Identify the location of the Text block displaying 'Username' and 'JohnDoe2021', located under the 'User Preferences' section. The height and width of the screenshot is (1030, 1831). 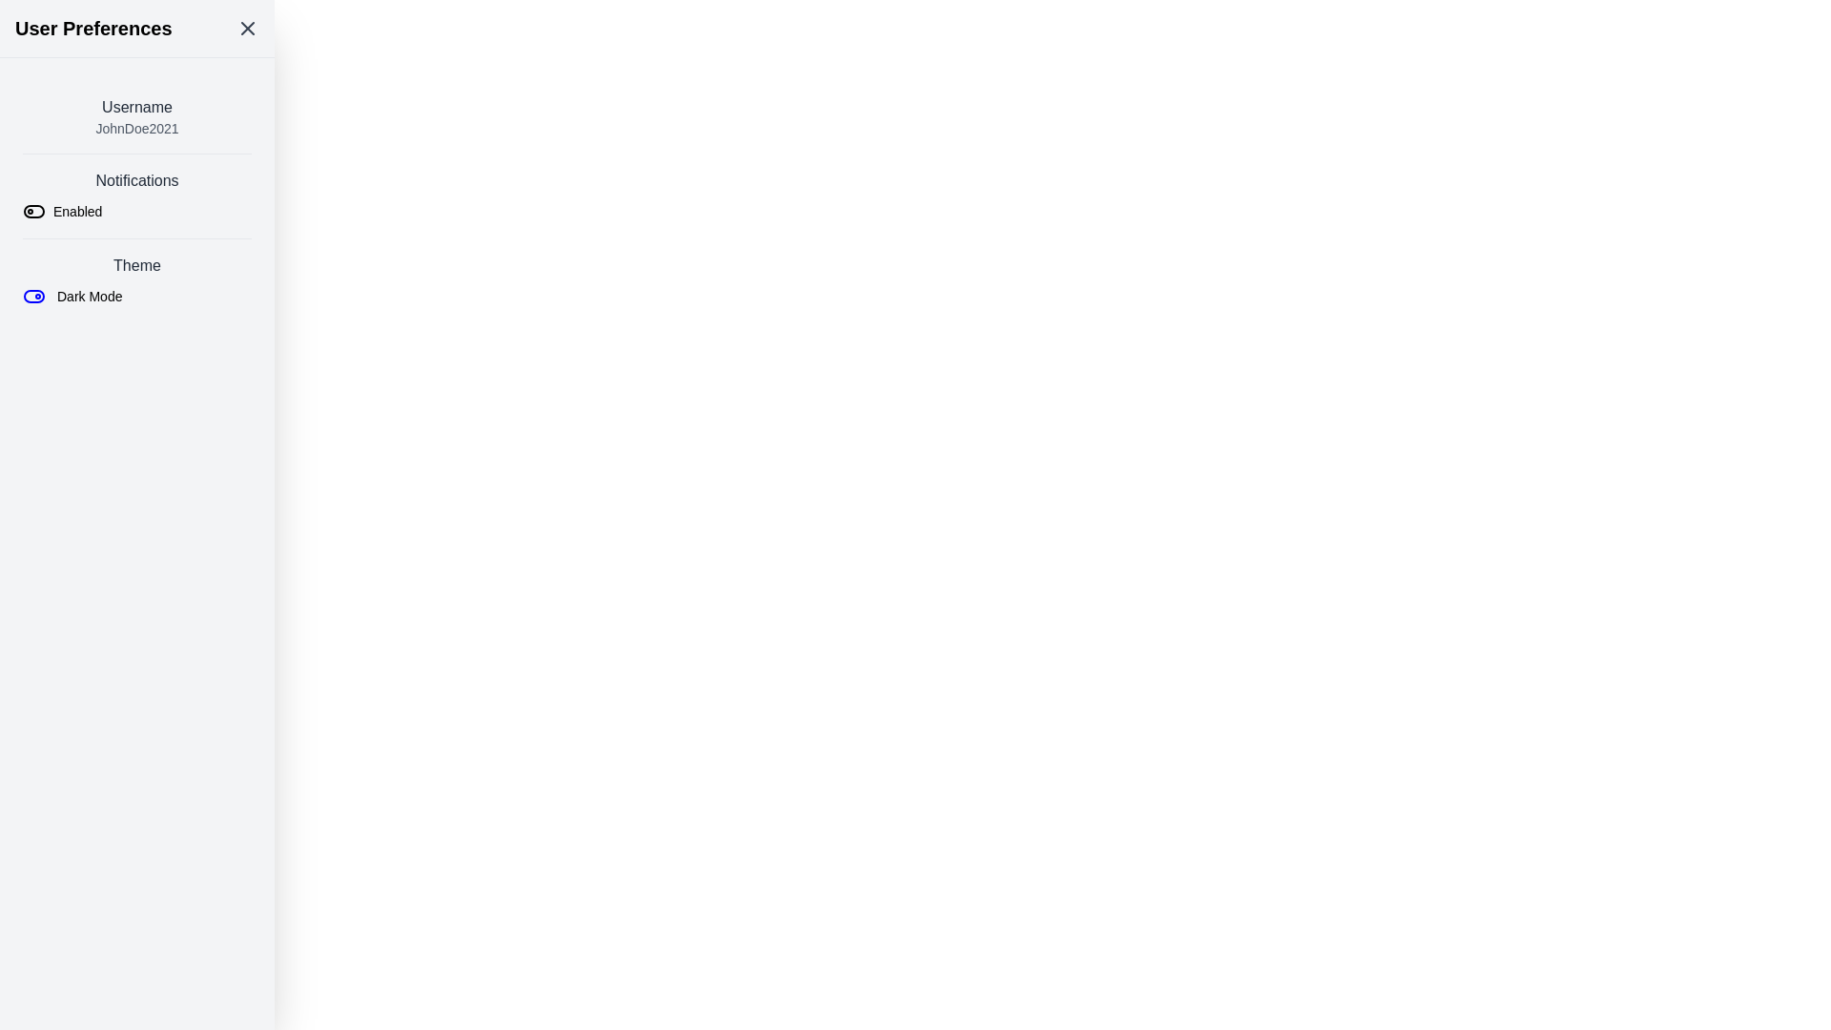
(136, 117).